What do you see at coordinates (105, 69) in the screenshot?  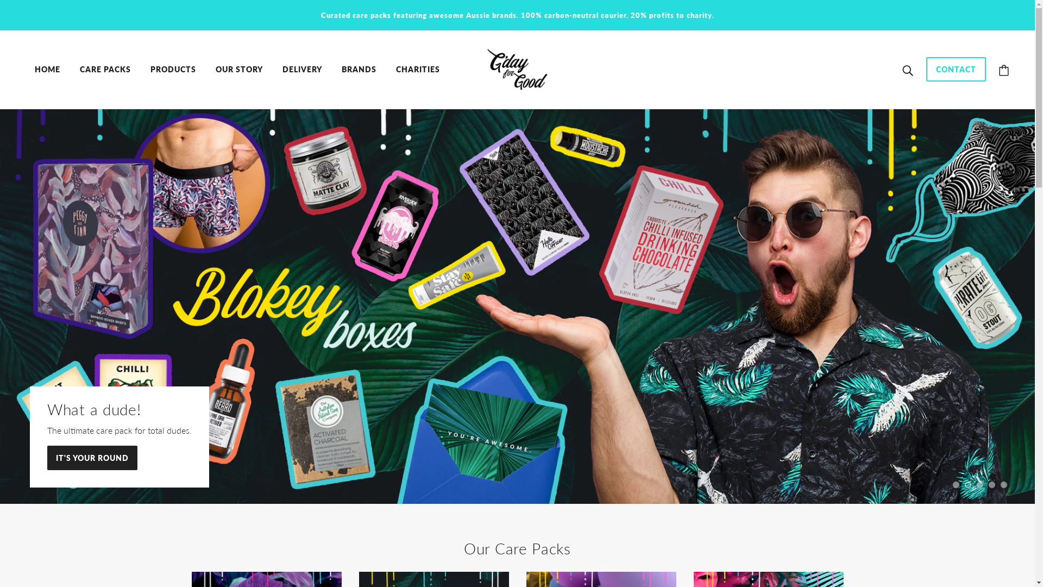 I see `'CARE PACKS'` at bounding box center [105, 69].